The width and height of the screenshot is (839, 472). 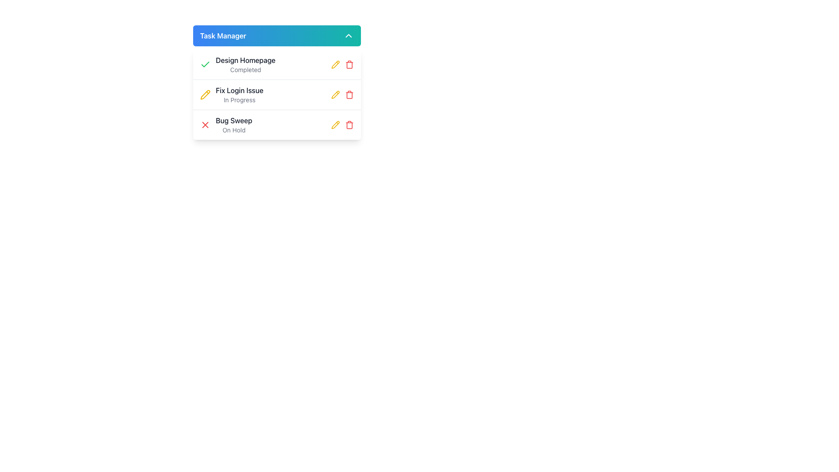 I want to click on the task labeled 'Design Homepage', so click(x=238, y=64).